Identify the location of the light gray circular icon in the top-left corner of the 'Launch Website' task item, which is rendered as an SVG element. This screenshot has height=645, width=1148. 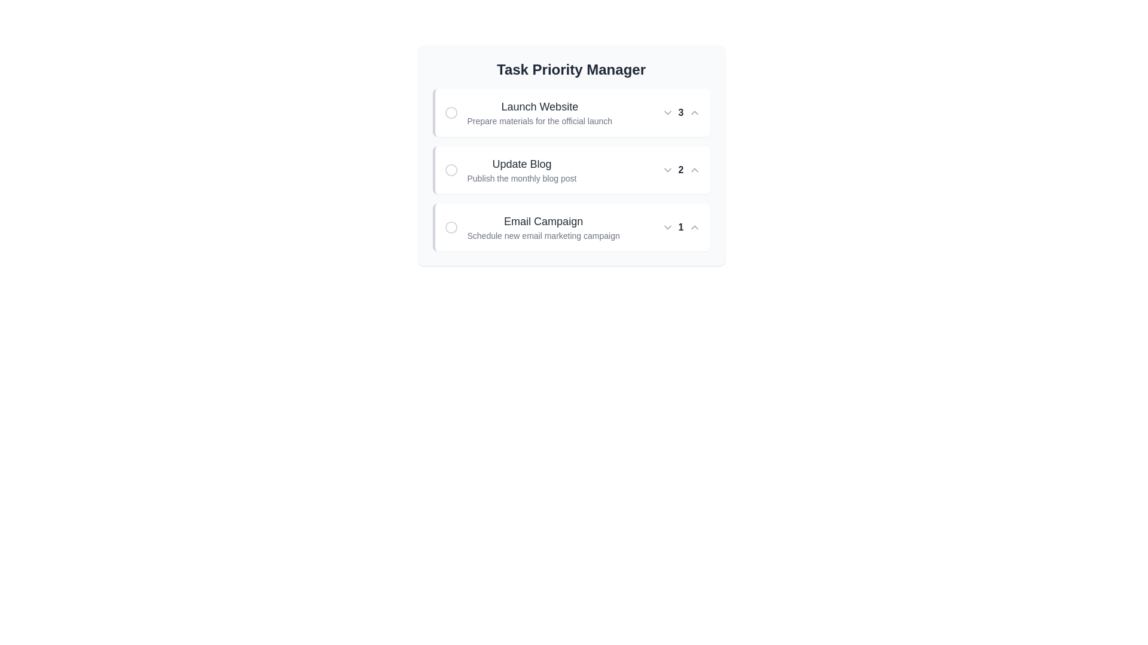
(450, 113).